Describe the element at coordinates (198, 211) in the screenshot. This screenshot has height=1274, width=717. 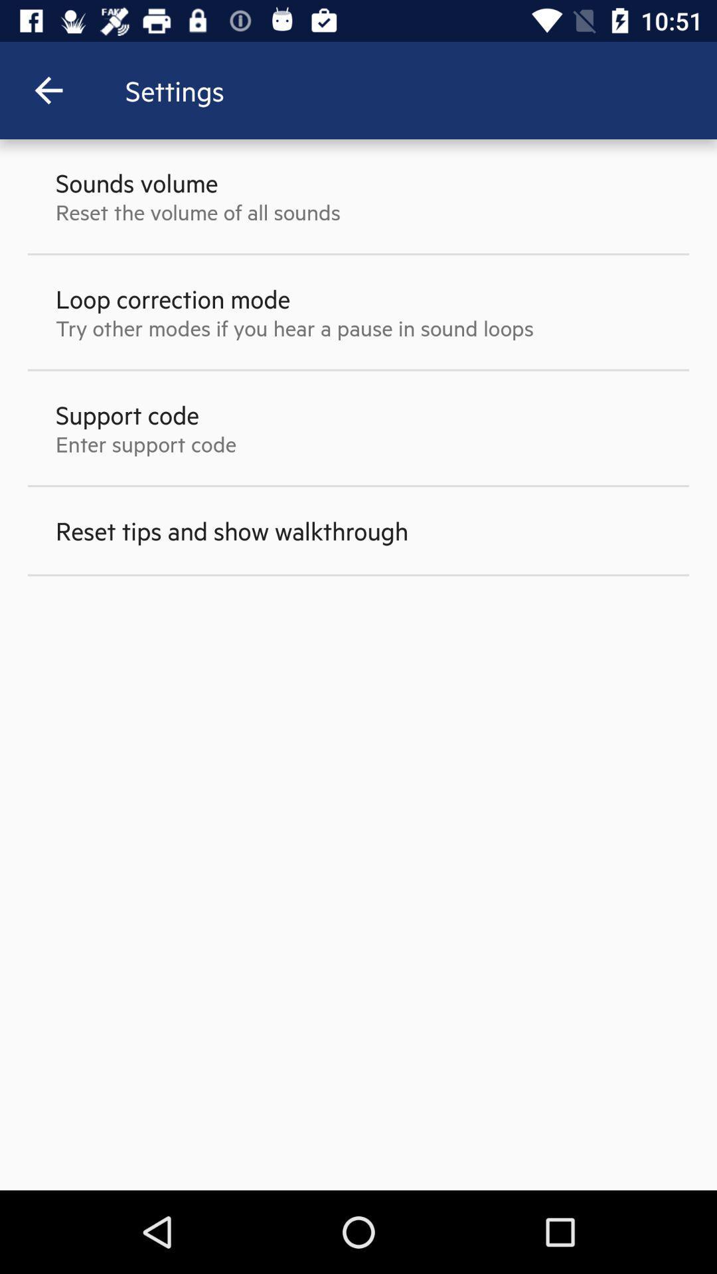
I see `the reset the volume item` at that location.